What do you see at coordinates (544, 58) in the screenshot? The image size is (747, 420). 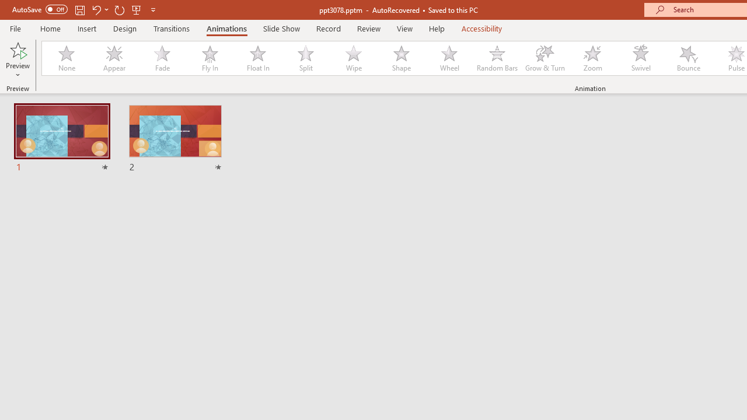 I see `'Grow & Turn'` at bounding box center [544, 58].